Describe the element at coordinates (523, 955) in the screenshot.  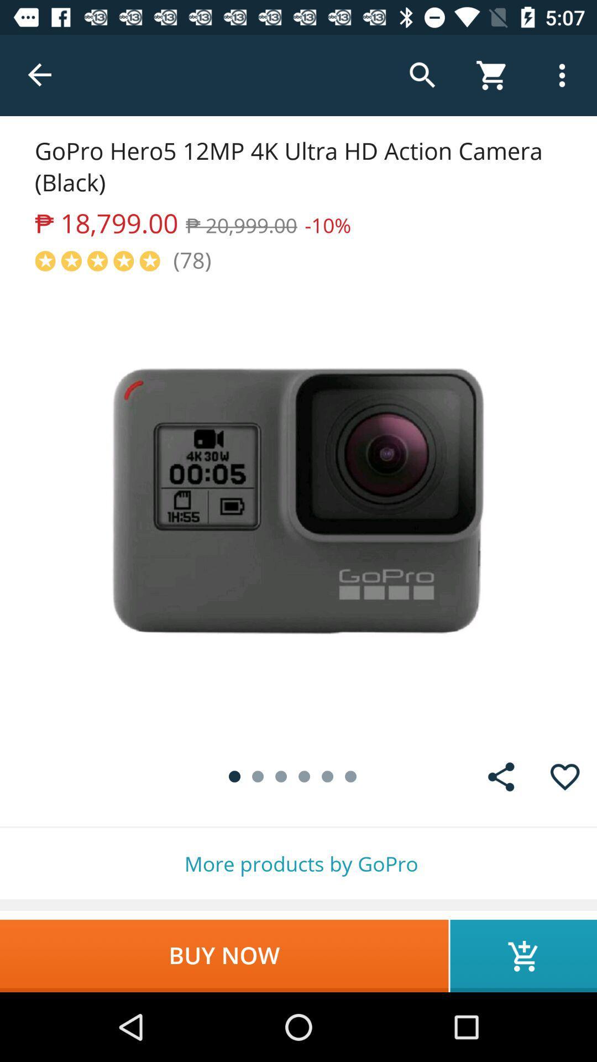
I see `the icon below the more products by icon` at that location.